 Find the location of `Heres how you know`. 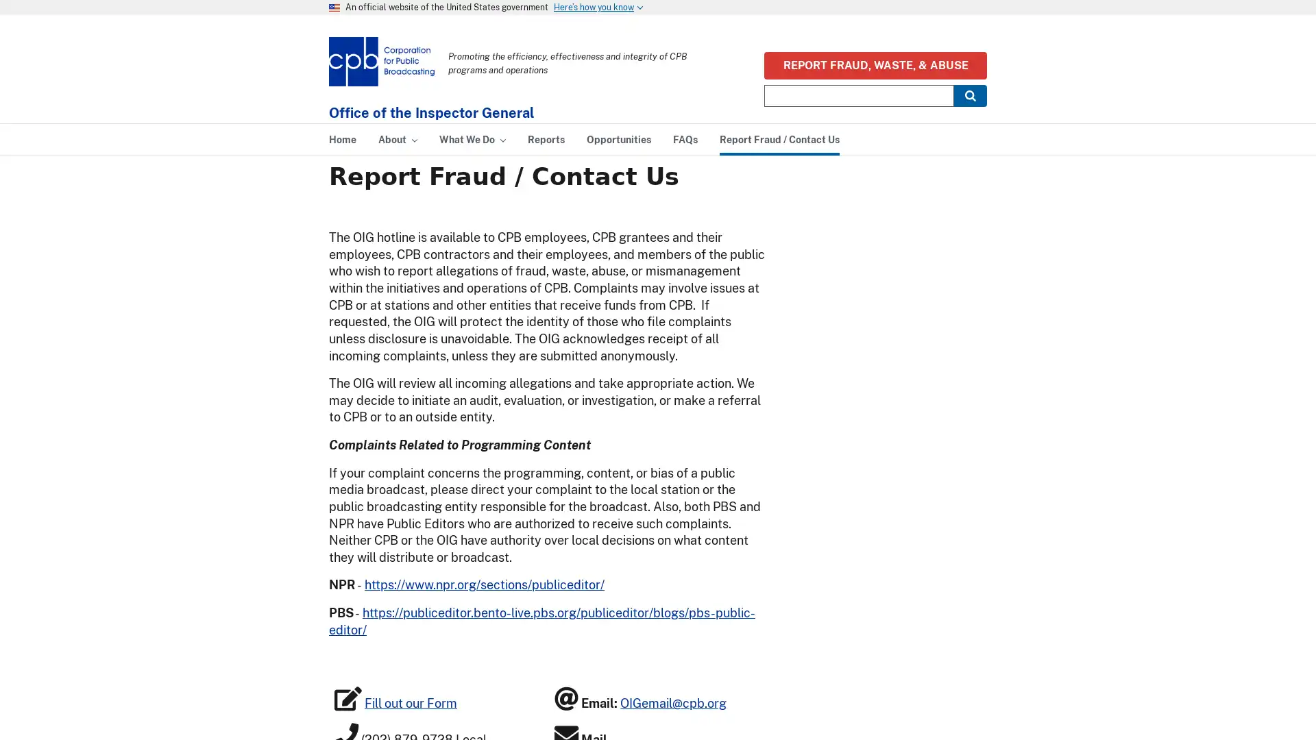

Heres how you know is located at coordinates (598, 8).